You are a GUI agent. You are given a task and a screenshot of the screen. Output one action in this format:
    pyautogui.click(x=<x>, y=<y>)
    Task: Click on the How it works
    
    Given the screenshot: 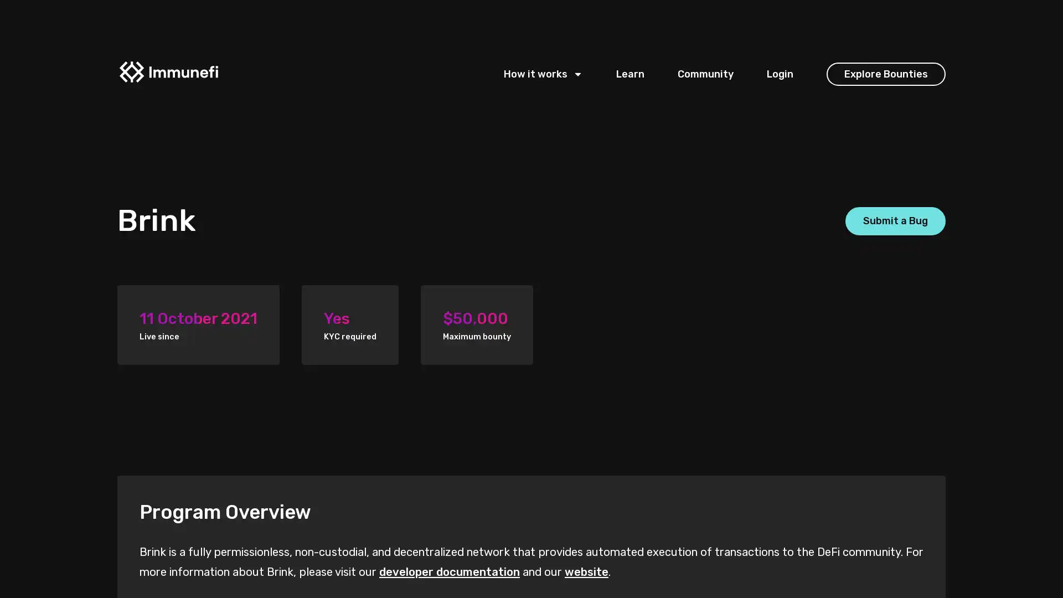 What is the action you would take?
    pyautogui.click(x=543, y=74)
    